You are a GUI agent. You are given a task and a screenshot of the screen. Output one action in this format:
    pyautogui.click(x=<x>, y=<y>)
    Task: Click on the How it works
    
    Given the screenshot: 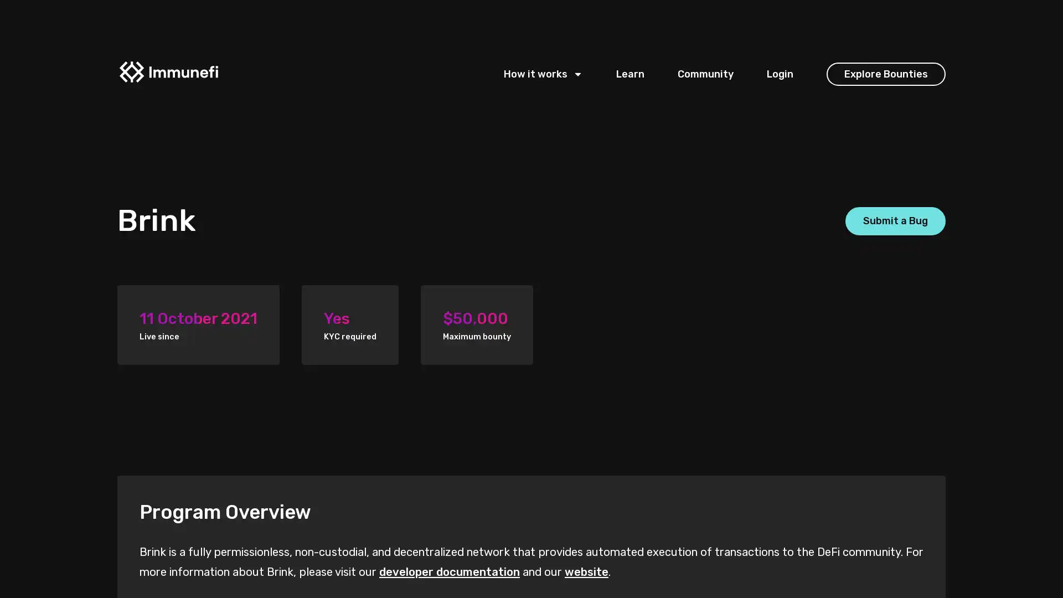 What is the action you would take?
    pyautogui.click(x=543, y=74)
    